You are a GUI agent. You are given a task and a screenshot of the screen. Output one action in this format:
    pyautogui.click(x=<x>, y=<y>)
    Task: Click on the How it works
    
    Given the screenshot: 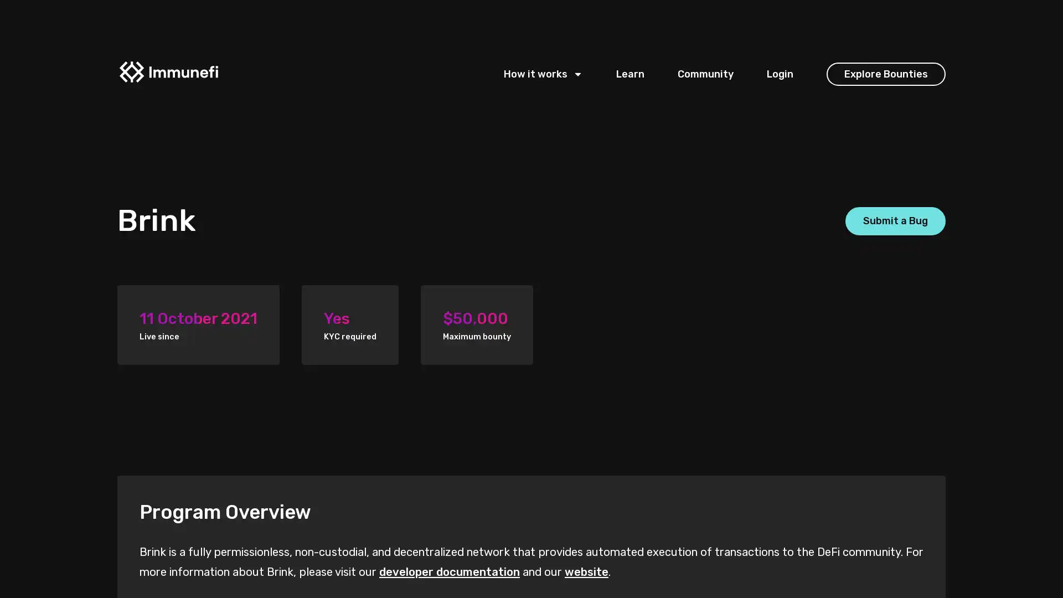 What is the action you would take?
    pyautogui.click(x=543, y=74)
    